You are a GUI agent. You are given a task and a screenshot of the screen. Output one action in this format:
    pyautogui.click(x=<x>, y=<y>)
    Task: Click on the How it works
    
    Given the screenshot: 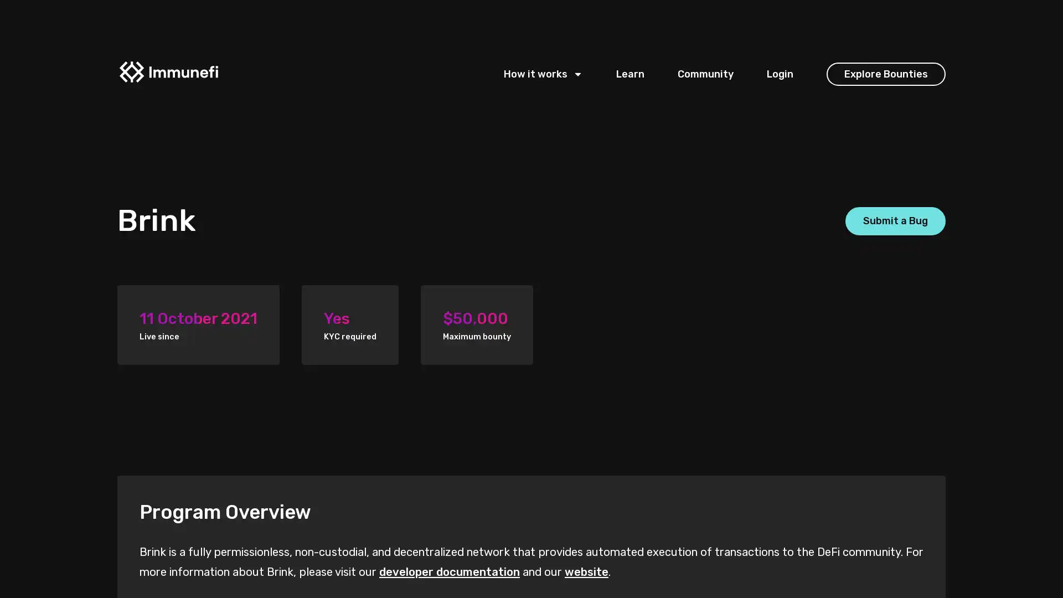 What is the action you would take?
    pyautogui.click(x=543, y=74)
    